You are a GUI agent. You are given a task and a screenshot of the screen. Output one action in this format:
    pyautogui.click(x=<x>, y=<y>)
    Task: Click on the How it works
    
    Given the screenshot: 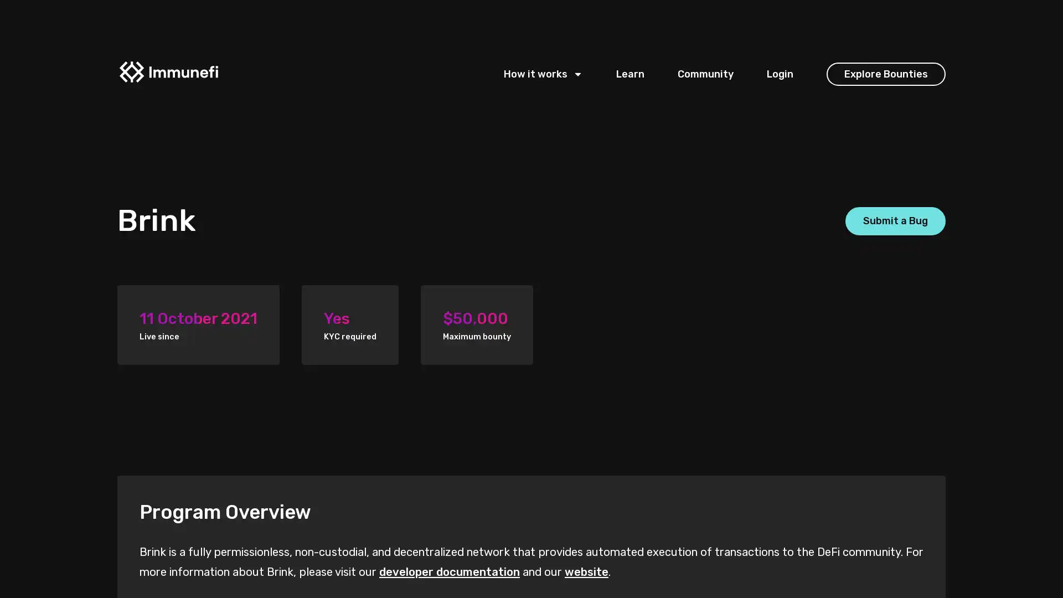 What is the action you would take?
    pyautogui.click(x=543, y=74)
    